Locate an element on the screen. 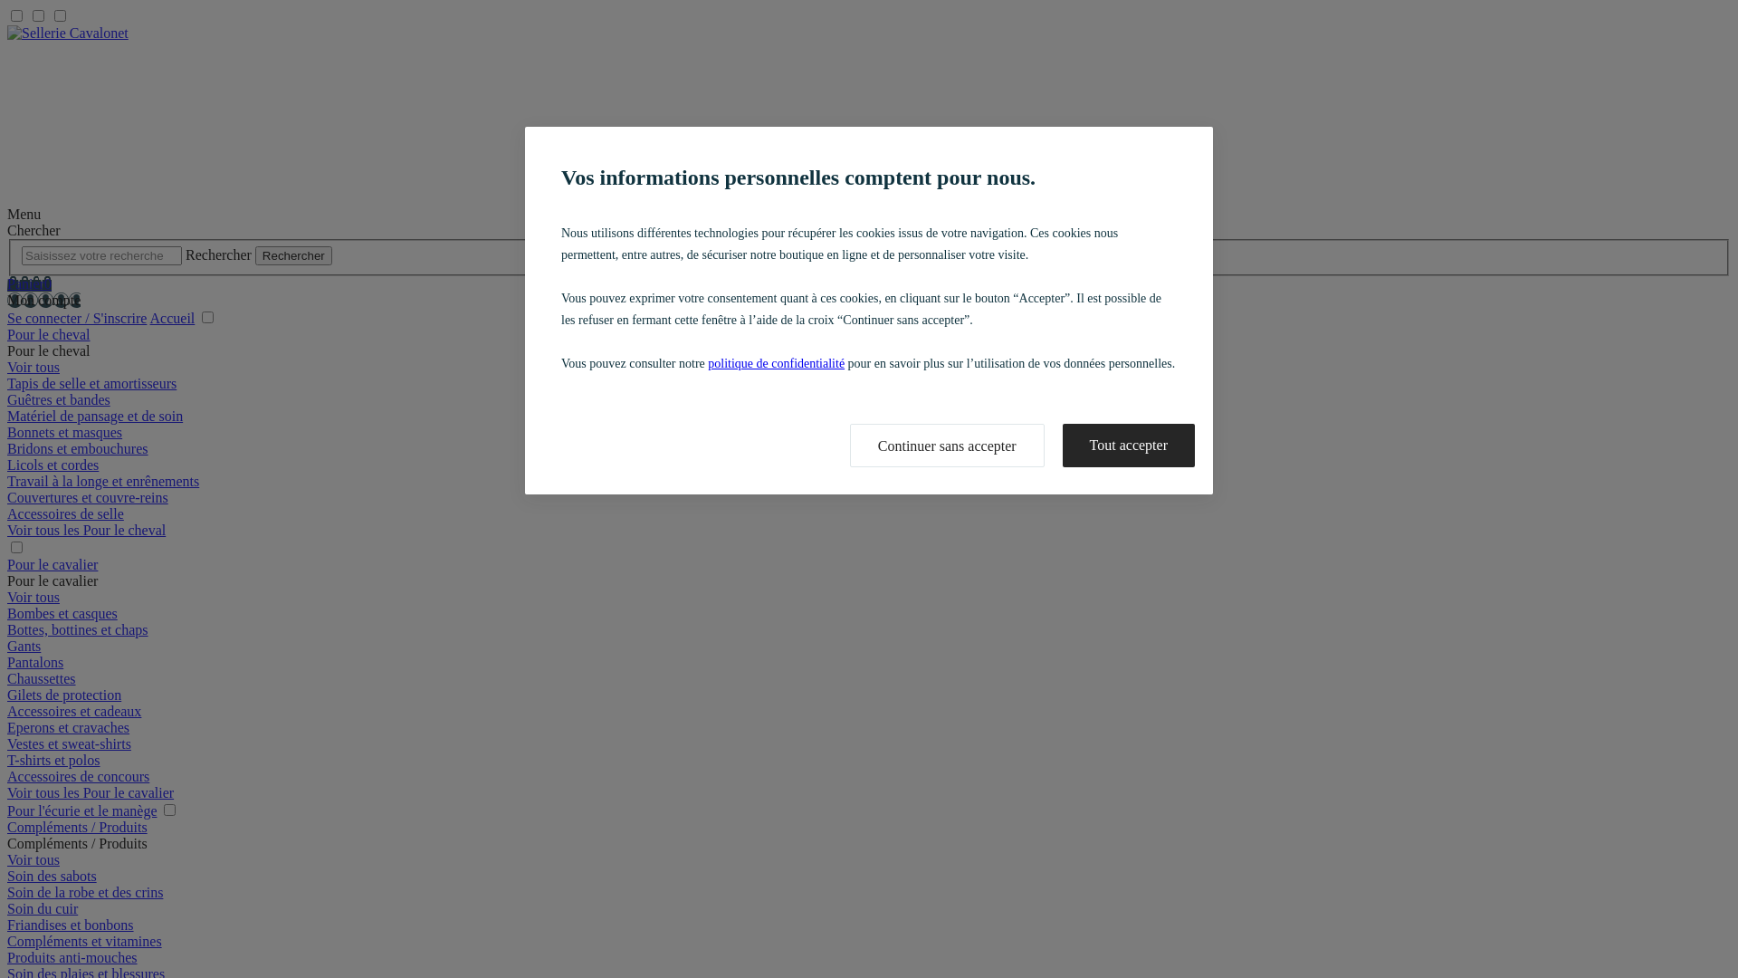 Image resolution: width=1738 pixels, height=978 pixels. 'Accessoires de concours' is located at coordinates (77, 775).